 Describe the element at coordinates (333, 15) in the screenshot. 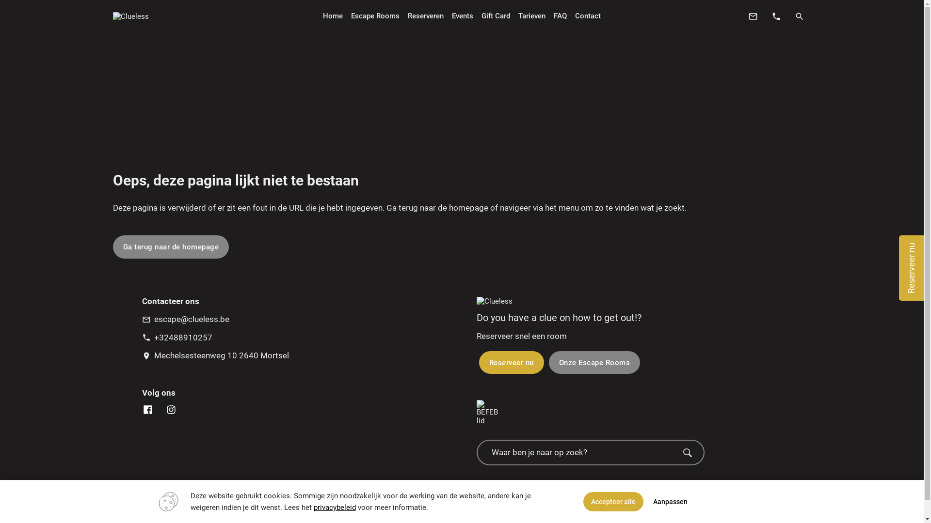

I see `'Home'` at that location.